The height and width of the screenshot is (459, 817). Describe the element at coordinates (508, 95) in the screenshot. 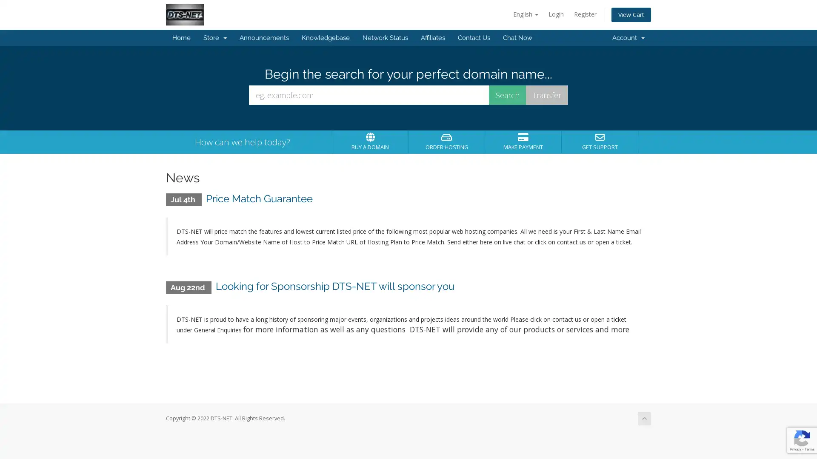

I see `Search` at that location.